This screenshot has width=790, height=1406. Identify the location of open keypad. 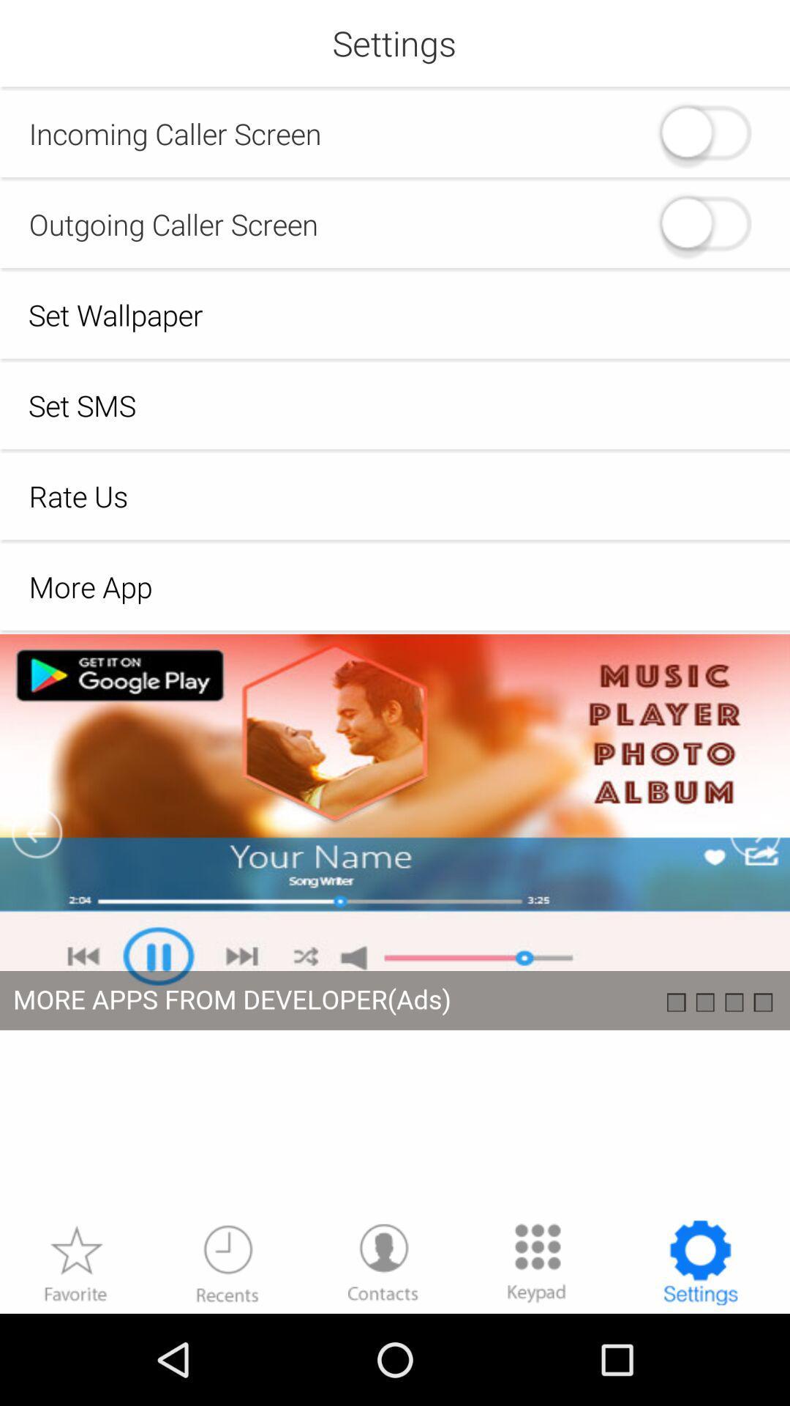
(536, 1262).